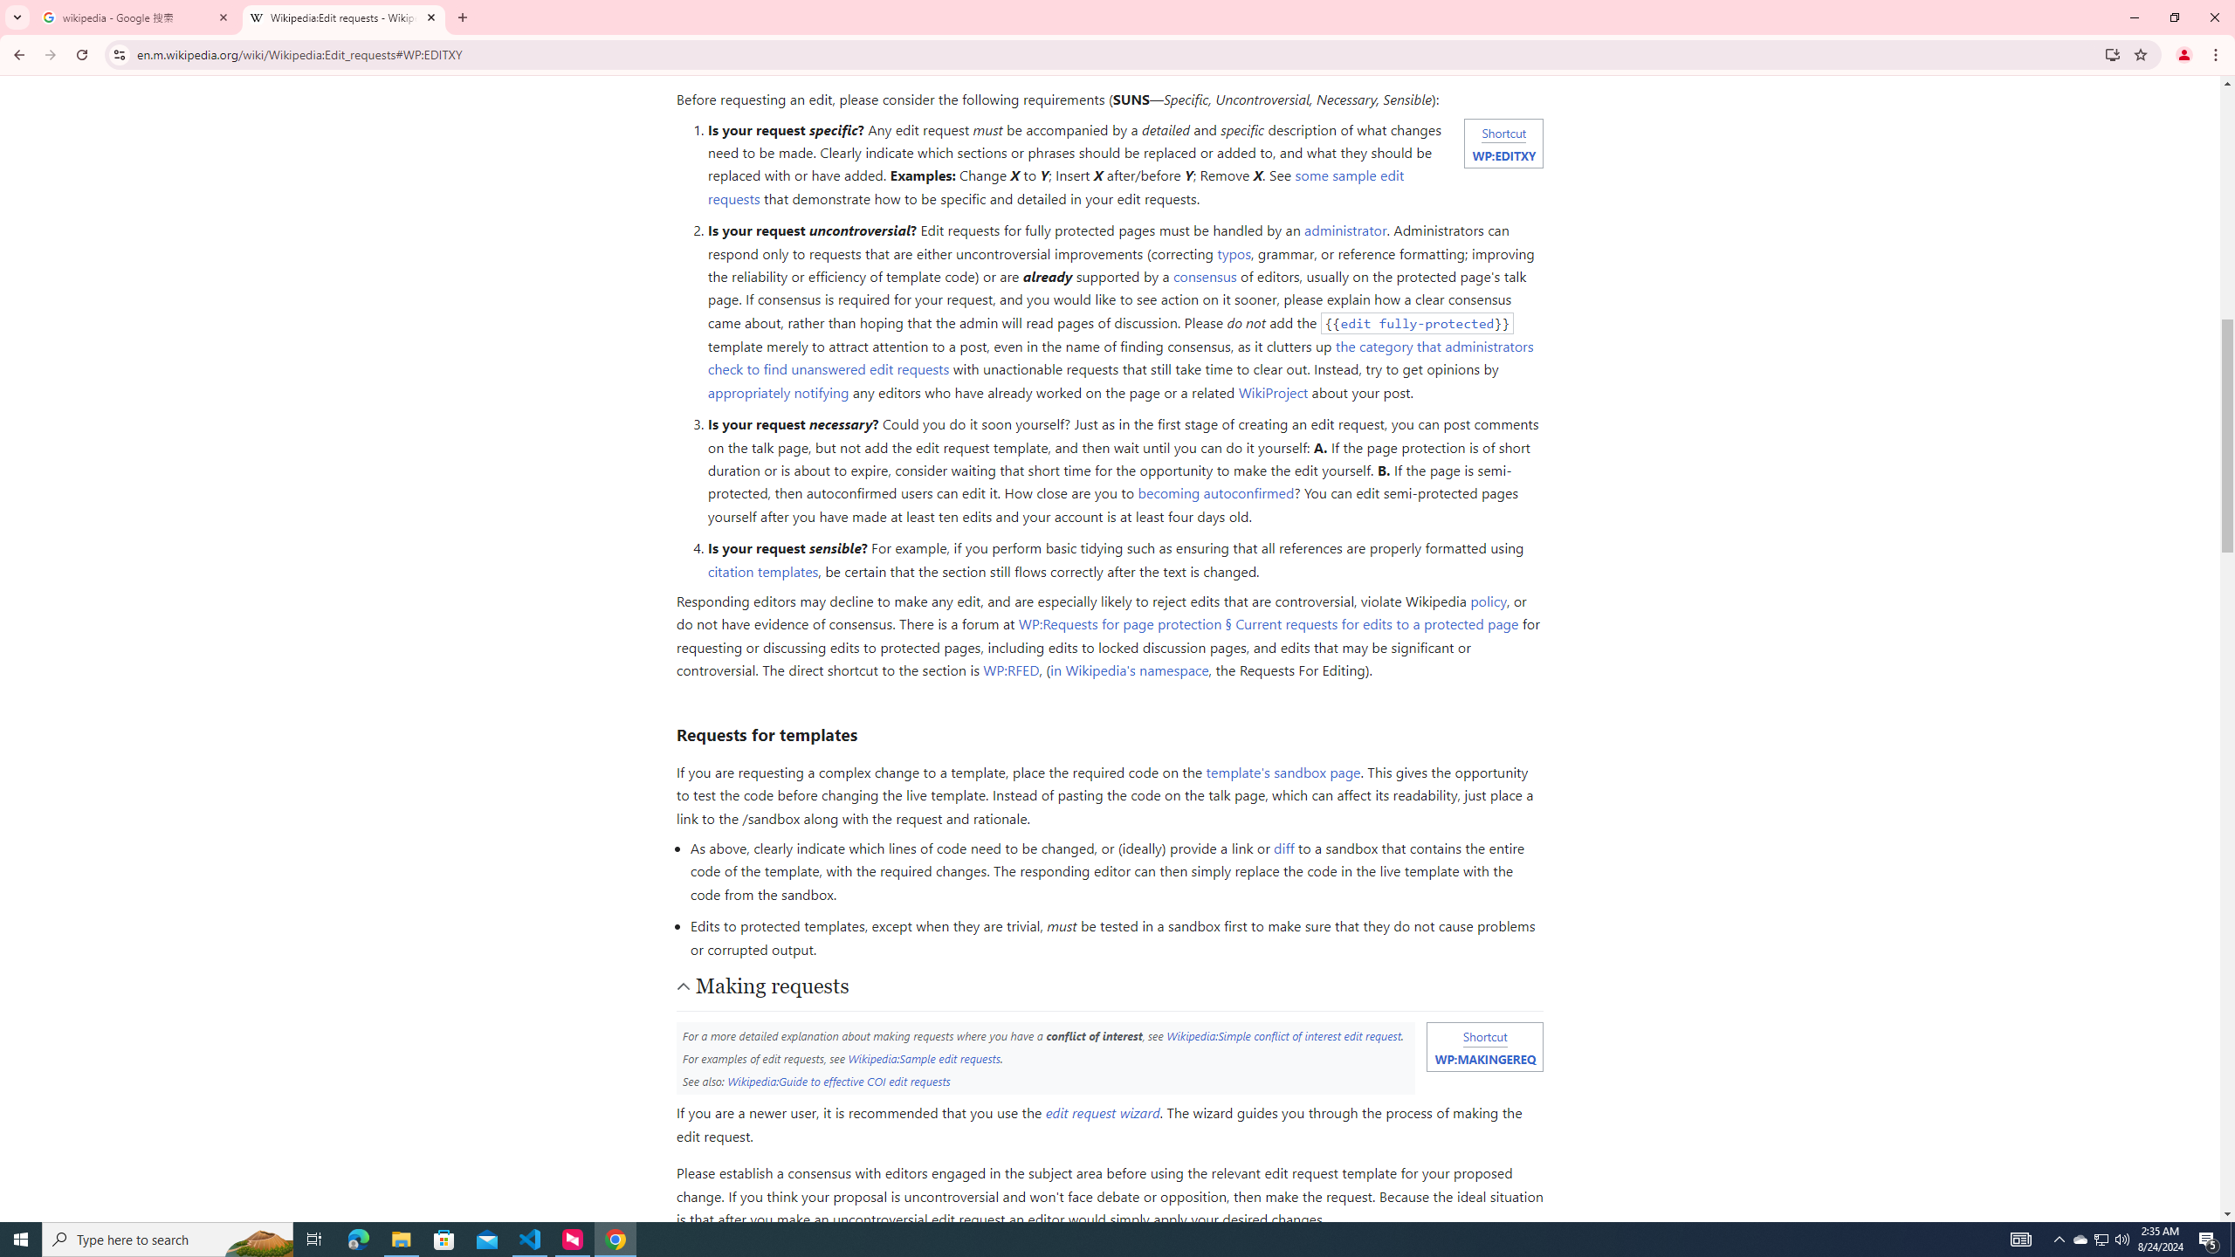  Describe the element at coordinates (1283, 1036) in the screenshot. I see `'Wikipedia:Simple conflict of interest edit request'` at that location.